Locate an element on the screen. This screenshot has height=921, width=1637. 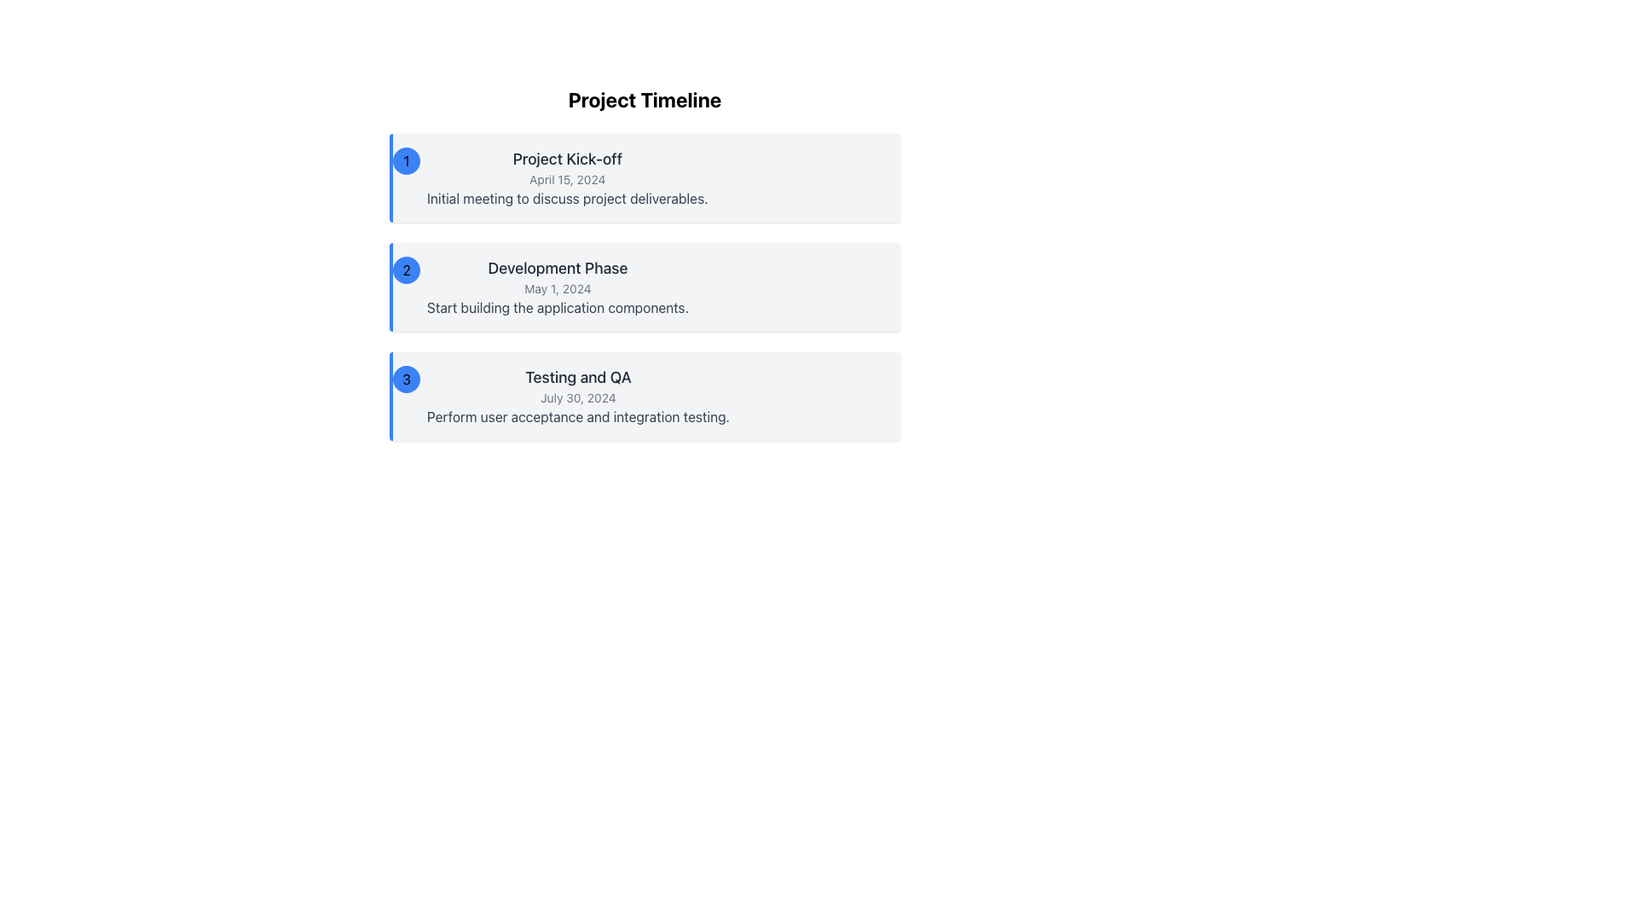
the textual label displaying 'Perform user acceptance and integration testing.' which is located in the 'Testing and QA' phase of the project timeline is located at coordinates (578, 417).